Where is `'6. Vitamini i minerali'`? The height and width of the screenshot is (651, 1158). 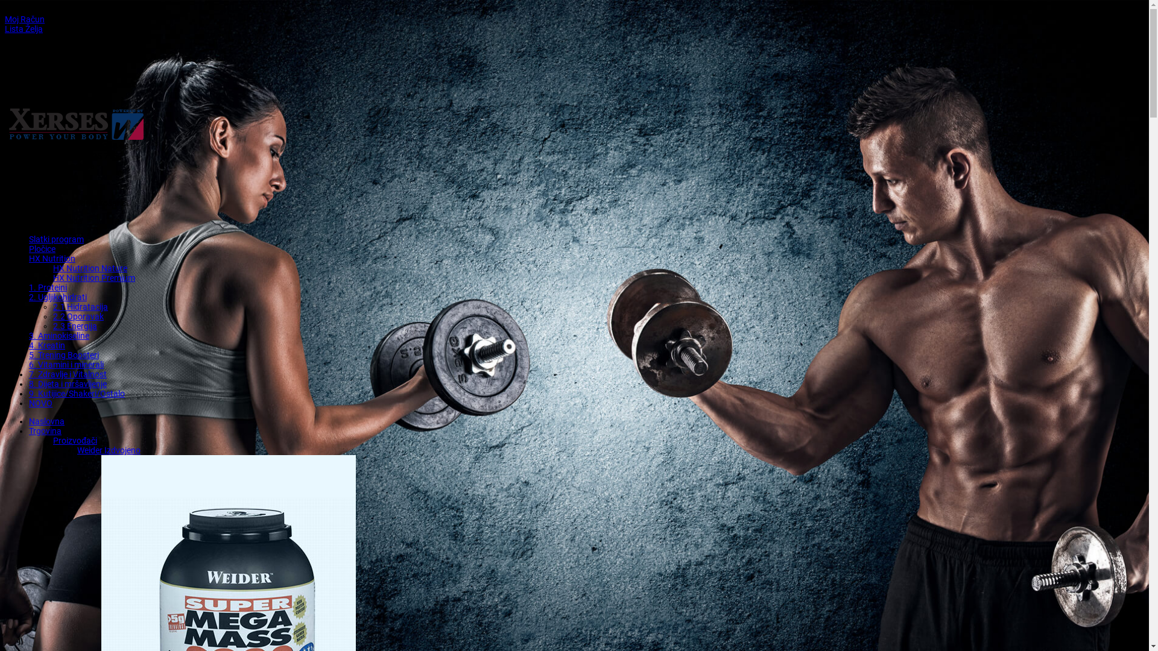
'6. Vitamini i minerali' is located at coordinates (66, 364).